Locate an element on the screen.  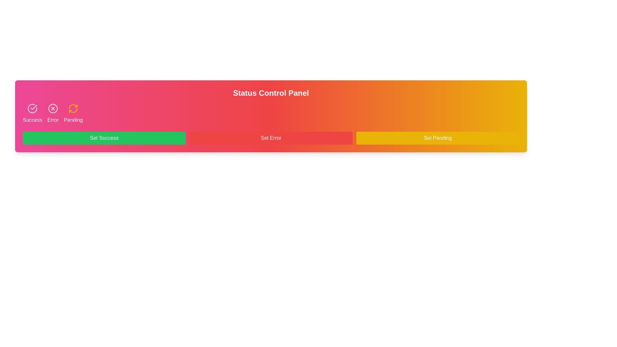
the static text label reading 'Pending', which is styled in white on a pink background and positioned between the 'Error' label and a refresh icon is located at coordinates (73, 120).